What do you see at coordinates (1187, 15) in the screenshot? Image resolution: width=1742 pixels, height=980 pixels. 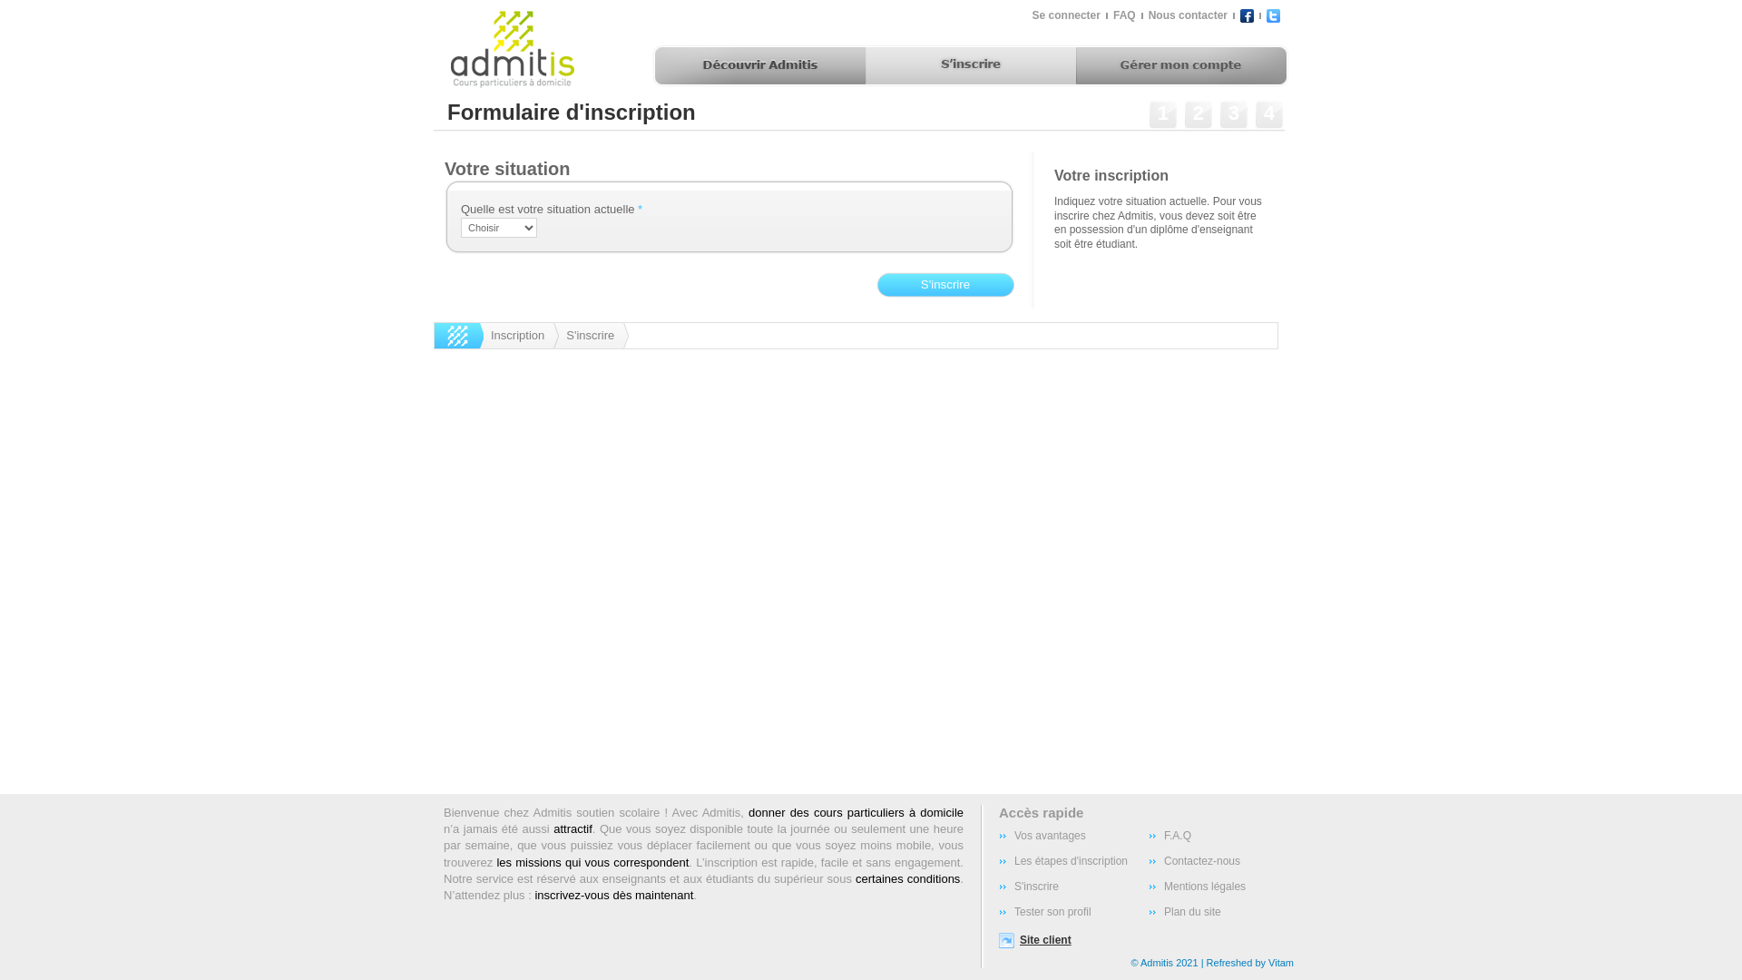 I see `'Nous contacter'` at bounding box center [1187, 15].